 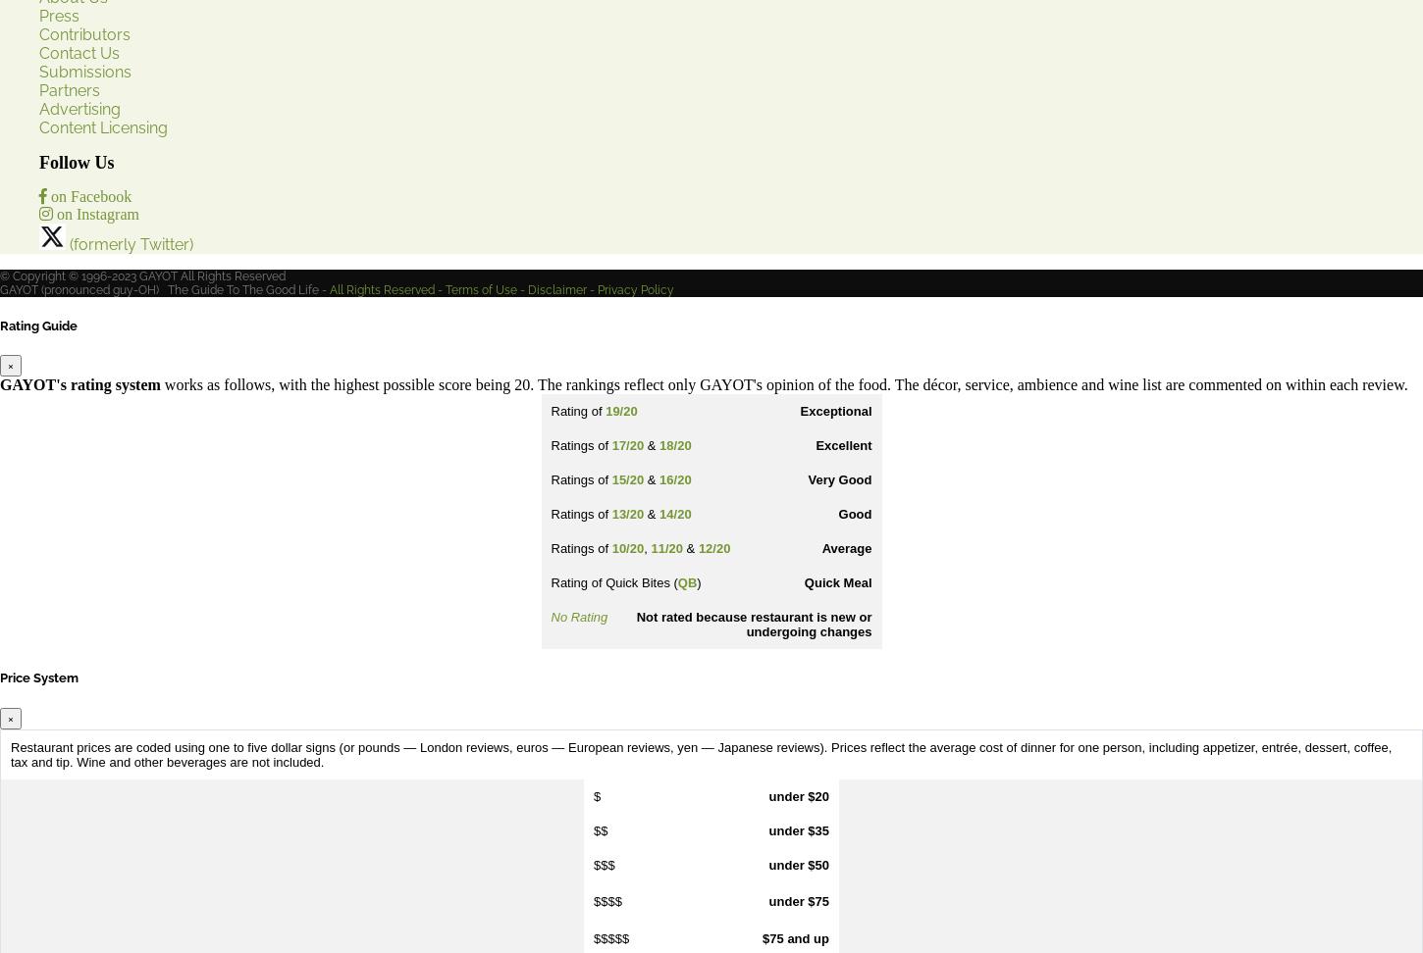 I want to click on 'Reserve a Table', so click(x=39, y=627).